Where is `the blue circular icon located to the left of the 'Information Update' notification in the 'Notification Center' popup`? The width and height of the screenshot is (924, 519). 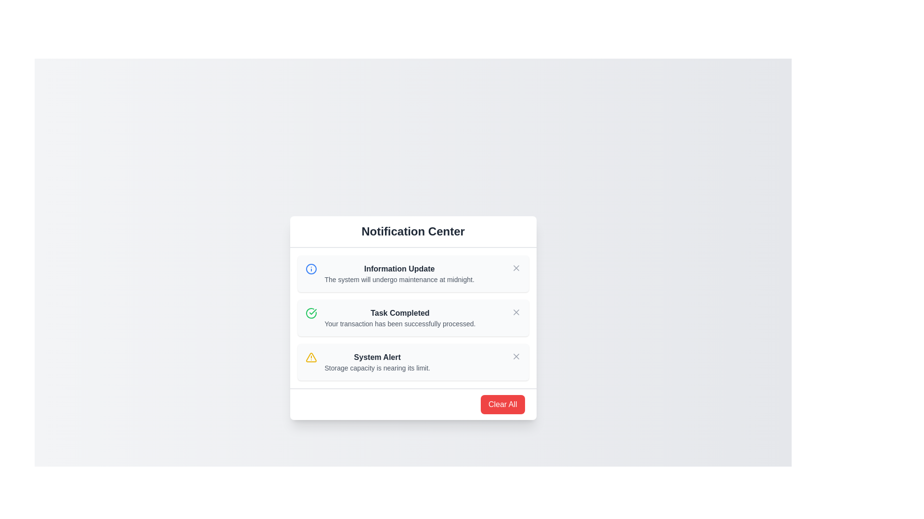 the blue circular icon located to the left of the 'Information Update' notification in the 'Notification Center' popup is located at coordinates (311, 269).